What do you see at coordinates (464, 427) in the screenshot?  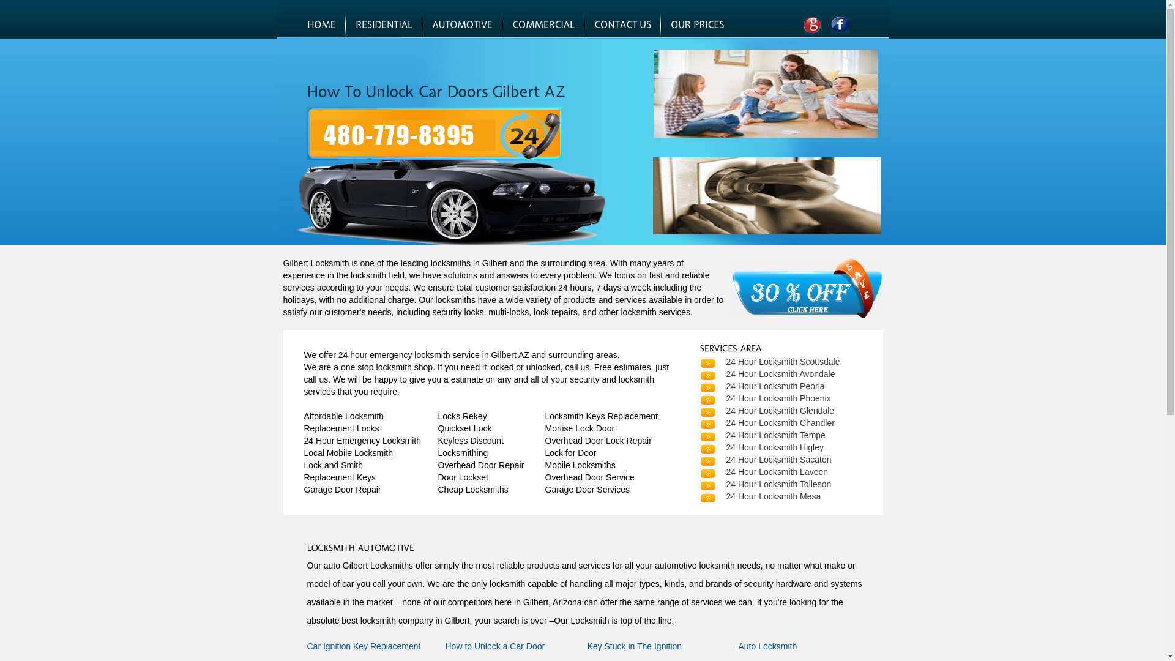 I see `'Quickset Lock'` at bounding box center [464, 427].